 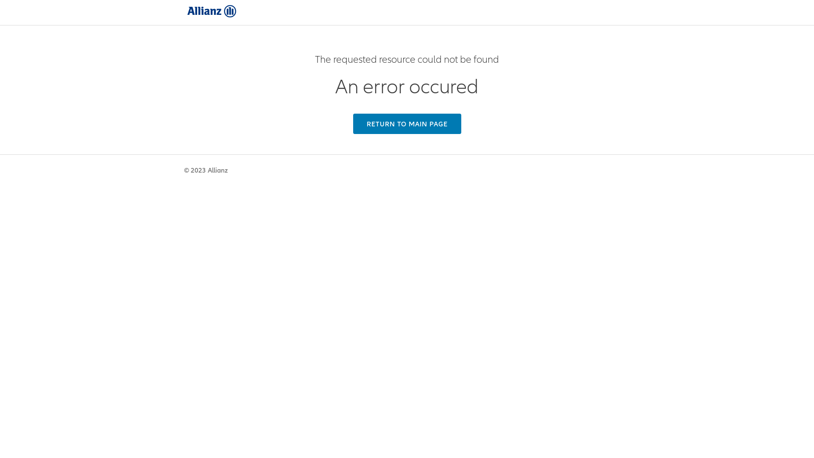 What do you see at coordinates (406, 124) in the screenshot?
I see `'RETURN TO MAIN PAGE'` at bounding box center [406, 124].